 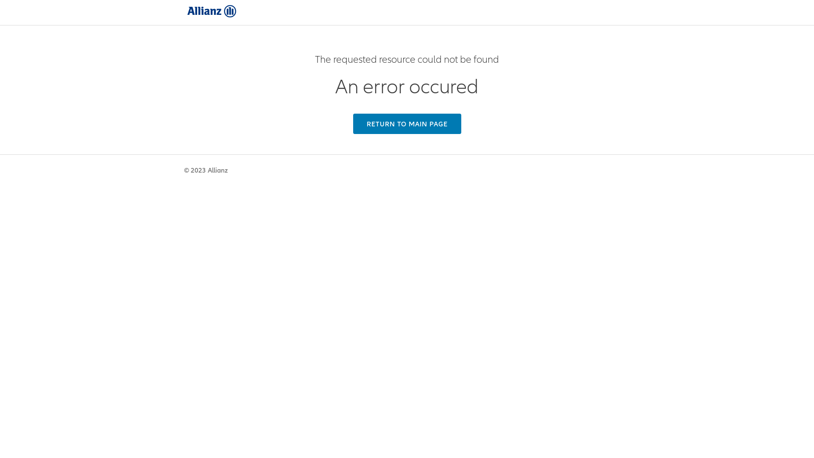 What do you see at coordinates (406, 124) in the screenshot?
I see `'RETURN TO MAIN PAGE'` at bounding box center [406, 124].